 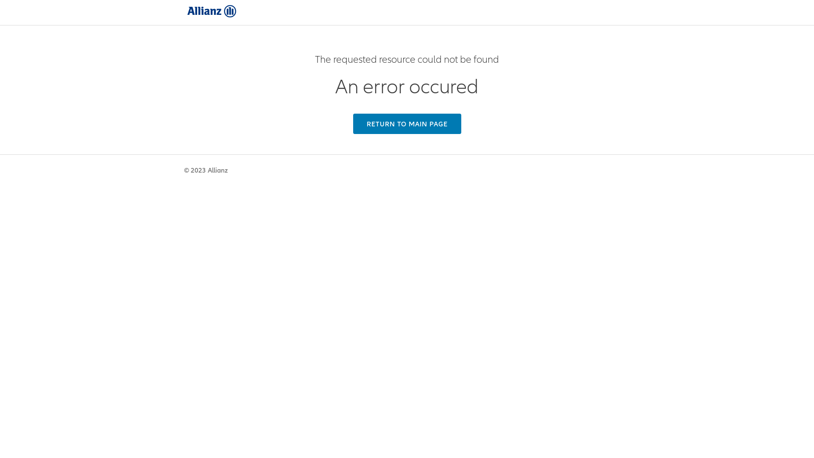 What do you see at coordinates (406, 124) in the screenshot?
I see `'RETURN TO MAIN PAGE'` at bounding box center [406, 124].